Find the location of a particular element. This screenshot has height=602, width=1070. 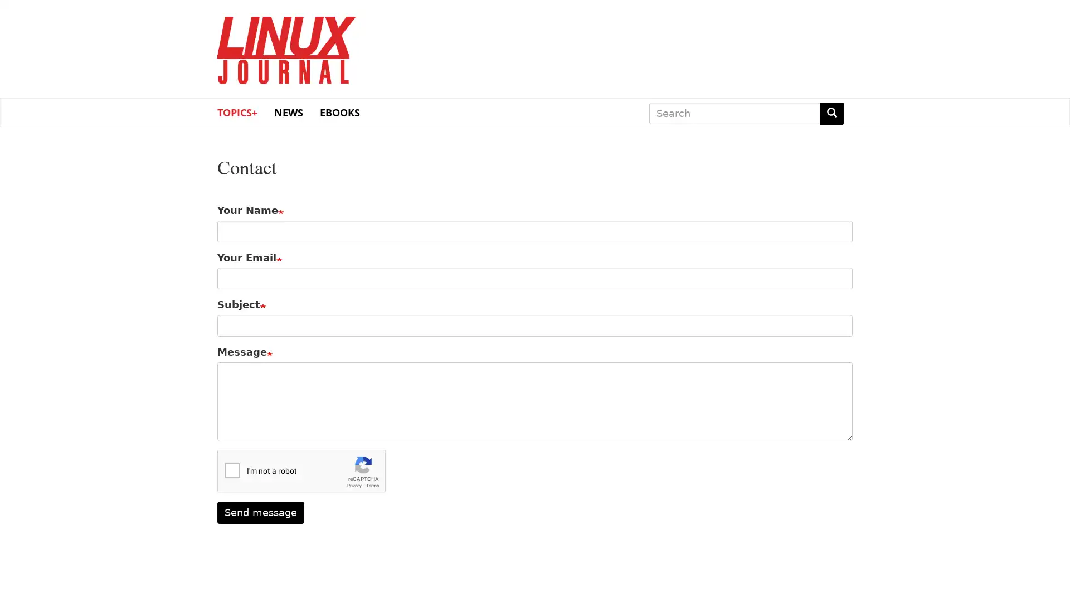

Search is located at coordinates (831, 113).